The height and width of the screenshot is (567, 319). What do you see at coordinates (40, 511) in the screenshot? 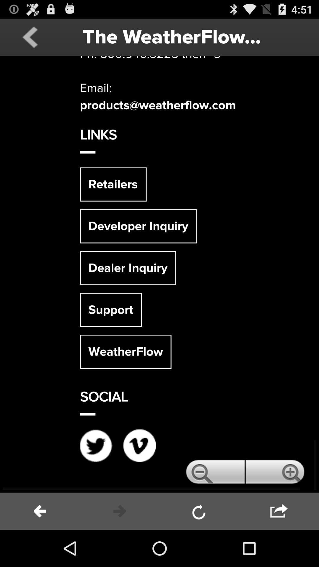
I see `go back` at bounding box center [40, 511].